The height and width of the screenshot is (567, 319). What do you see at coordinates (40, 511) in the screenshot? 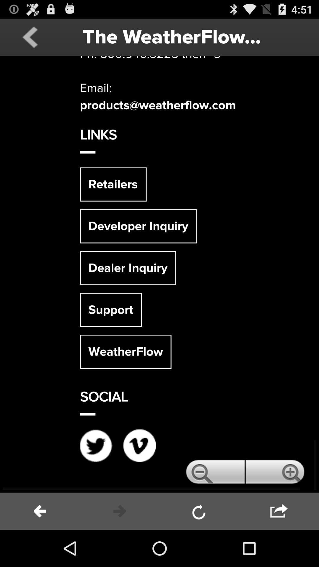
I see `go back` at bounding box center [40, 511].